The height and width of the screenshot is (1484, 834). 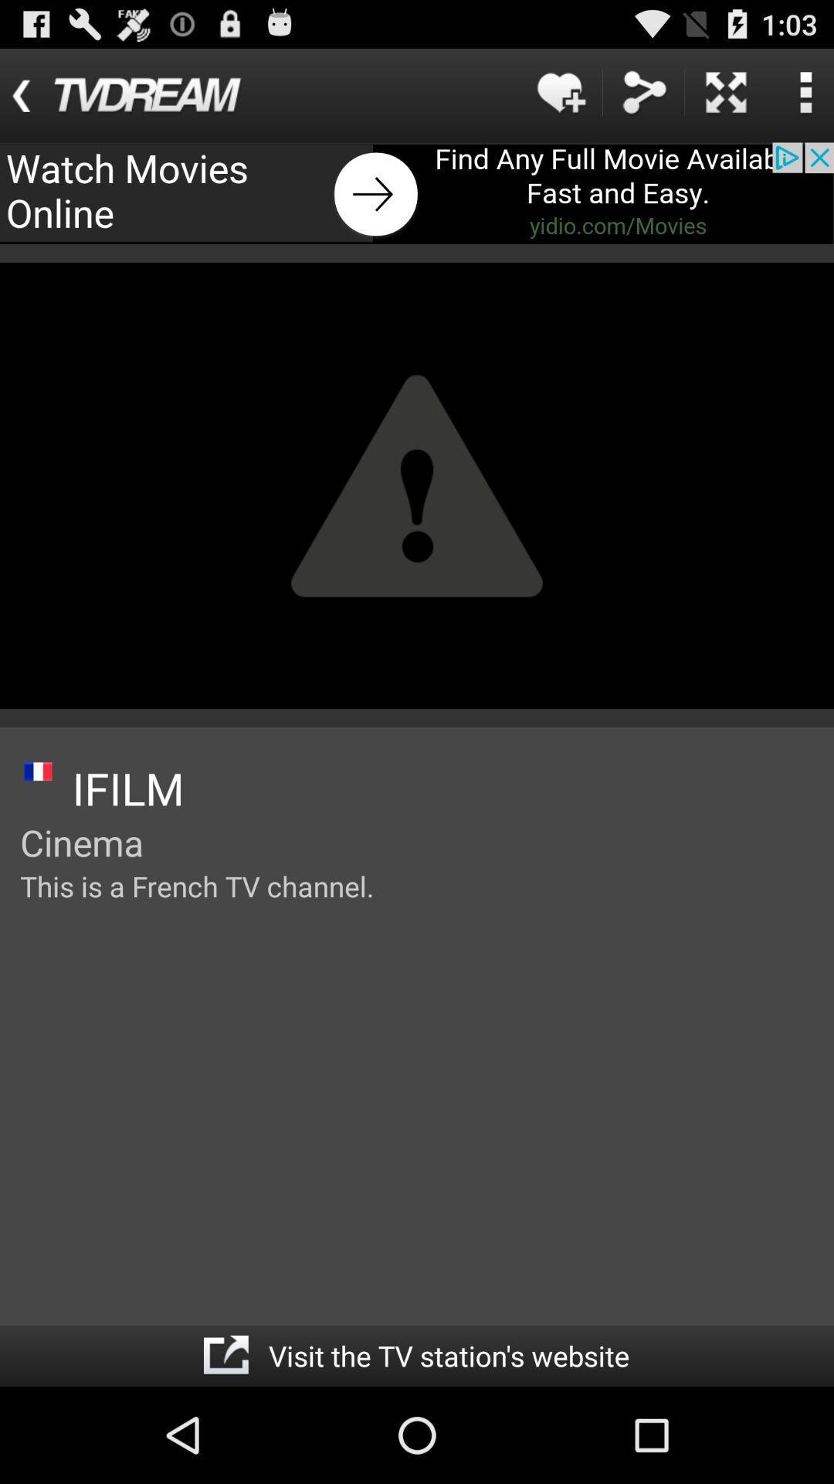 What do you see at coordinates (805, 98) in the screenshot?
I see `the more icon` at bounding box center [805, 98].